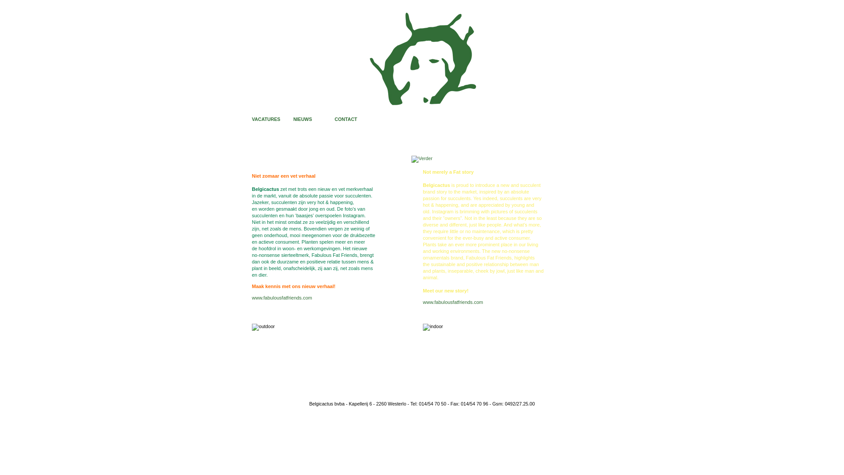 The image size is (844, 475). What do you see at coordinates (345, 119) in the screenshot?
I see `'CONTACT'` at bounding box center [345, 119].